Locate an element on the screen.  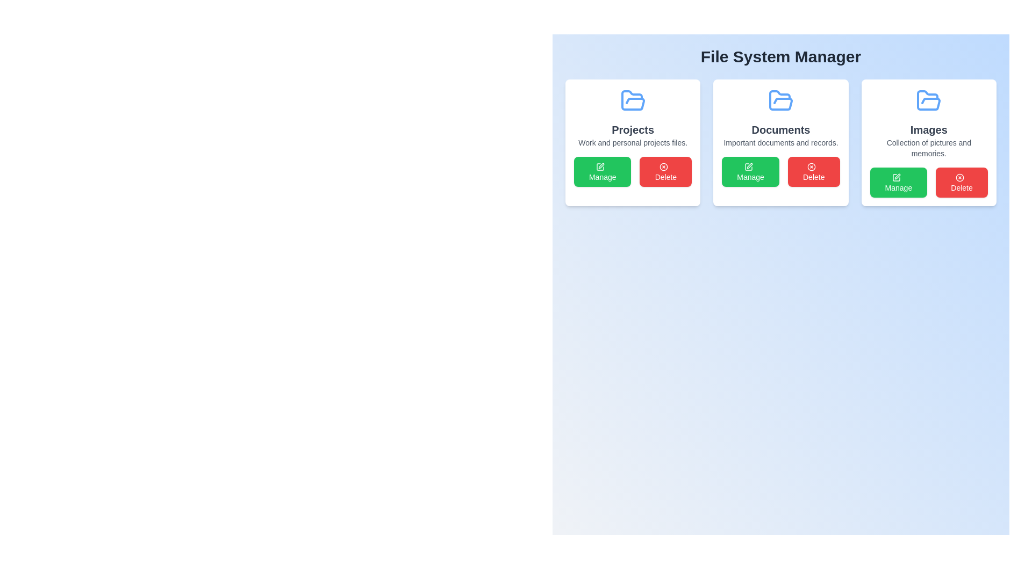
the 'Images' category icon, which is the third folder icon from the left within the 'Images' card, located above the text description and action buttons is located at coordinates (928, 100).